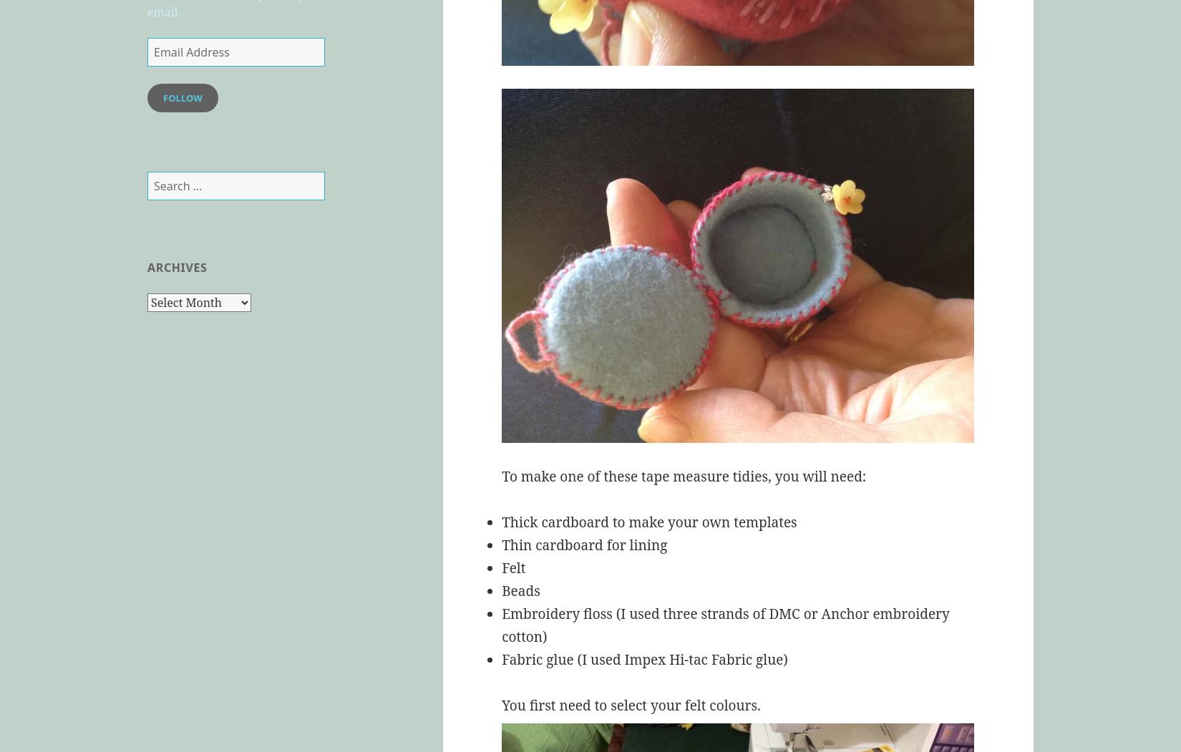 This screenshot has width=1181, height=752. Describe the element at coordinates (644, 660) in the screenshot. I see `'Fabric glue (I used Impex Hi-tac Fabric glue)'` at that location.